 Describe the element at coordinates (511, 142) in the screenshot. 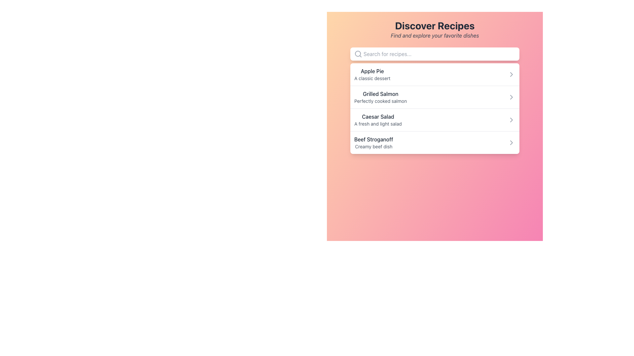

I see `the chevron icon on the far-right end of the 'Beef Stroganoff' entry` at that location.